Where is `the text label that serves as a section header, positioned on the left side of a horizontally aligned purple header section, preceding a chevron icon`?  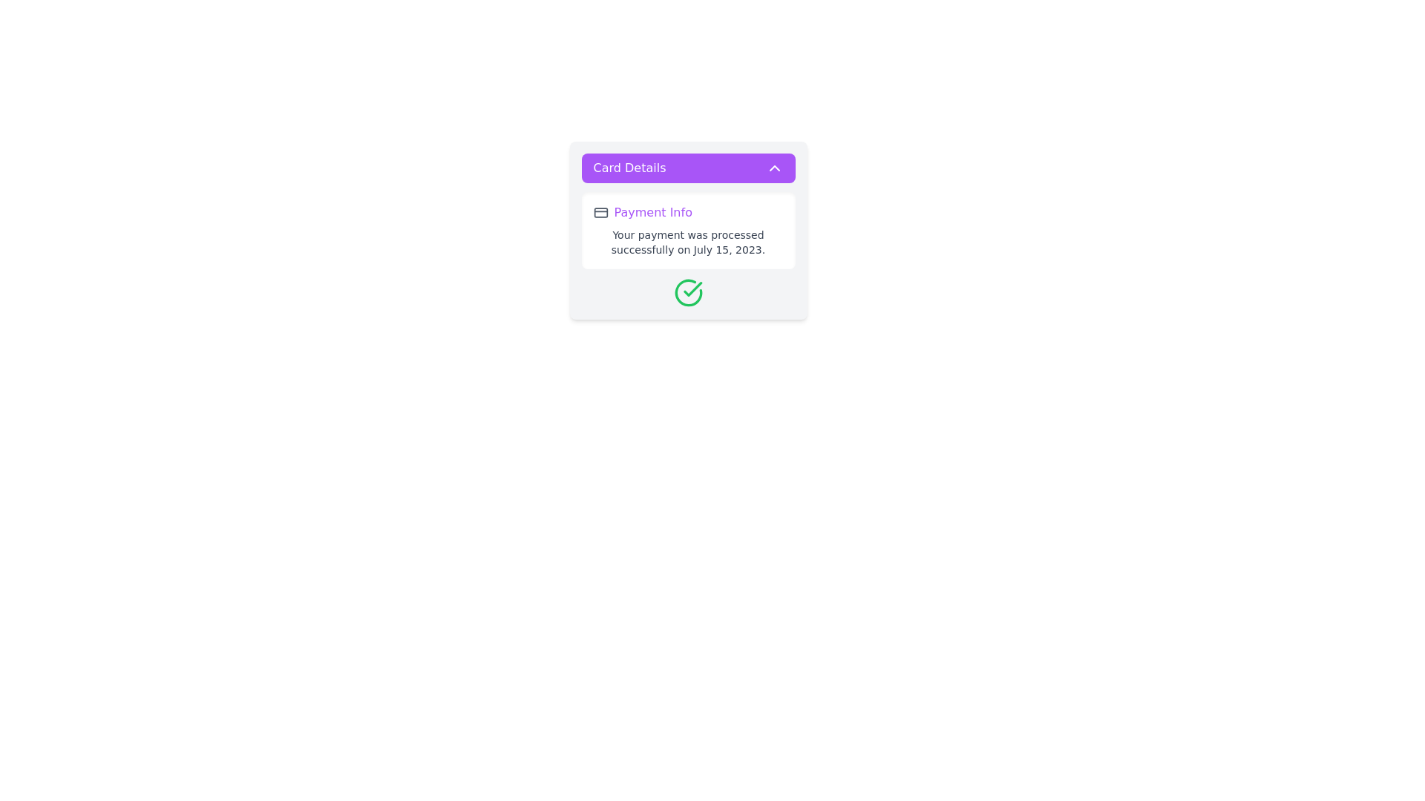 the text label that serves as a section header, positioned on the left side of a horizontally aligned purple header section, preceding a chevron icon is located at coordinates (629, 168).